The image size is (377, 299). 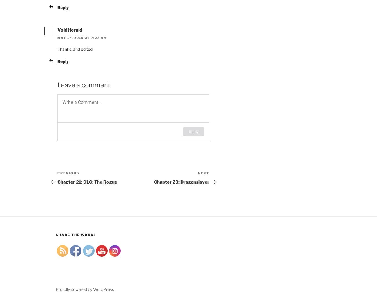 I want to click on 'Chapter 21: DLC: The Rogue', so click(x=87, y=182).